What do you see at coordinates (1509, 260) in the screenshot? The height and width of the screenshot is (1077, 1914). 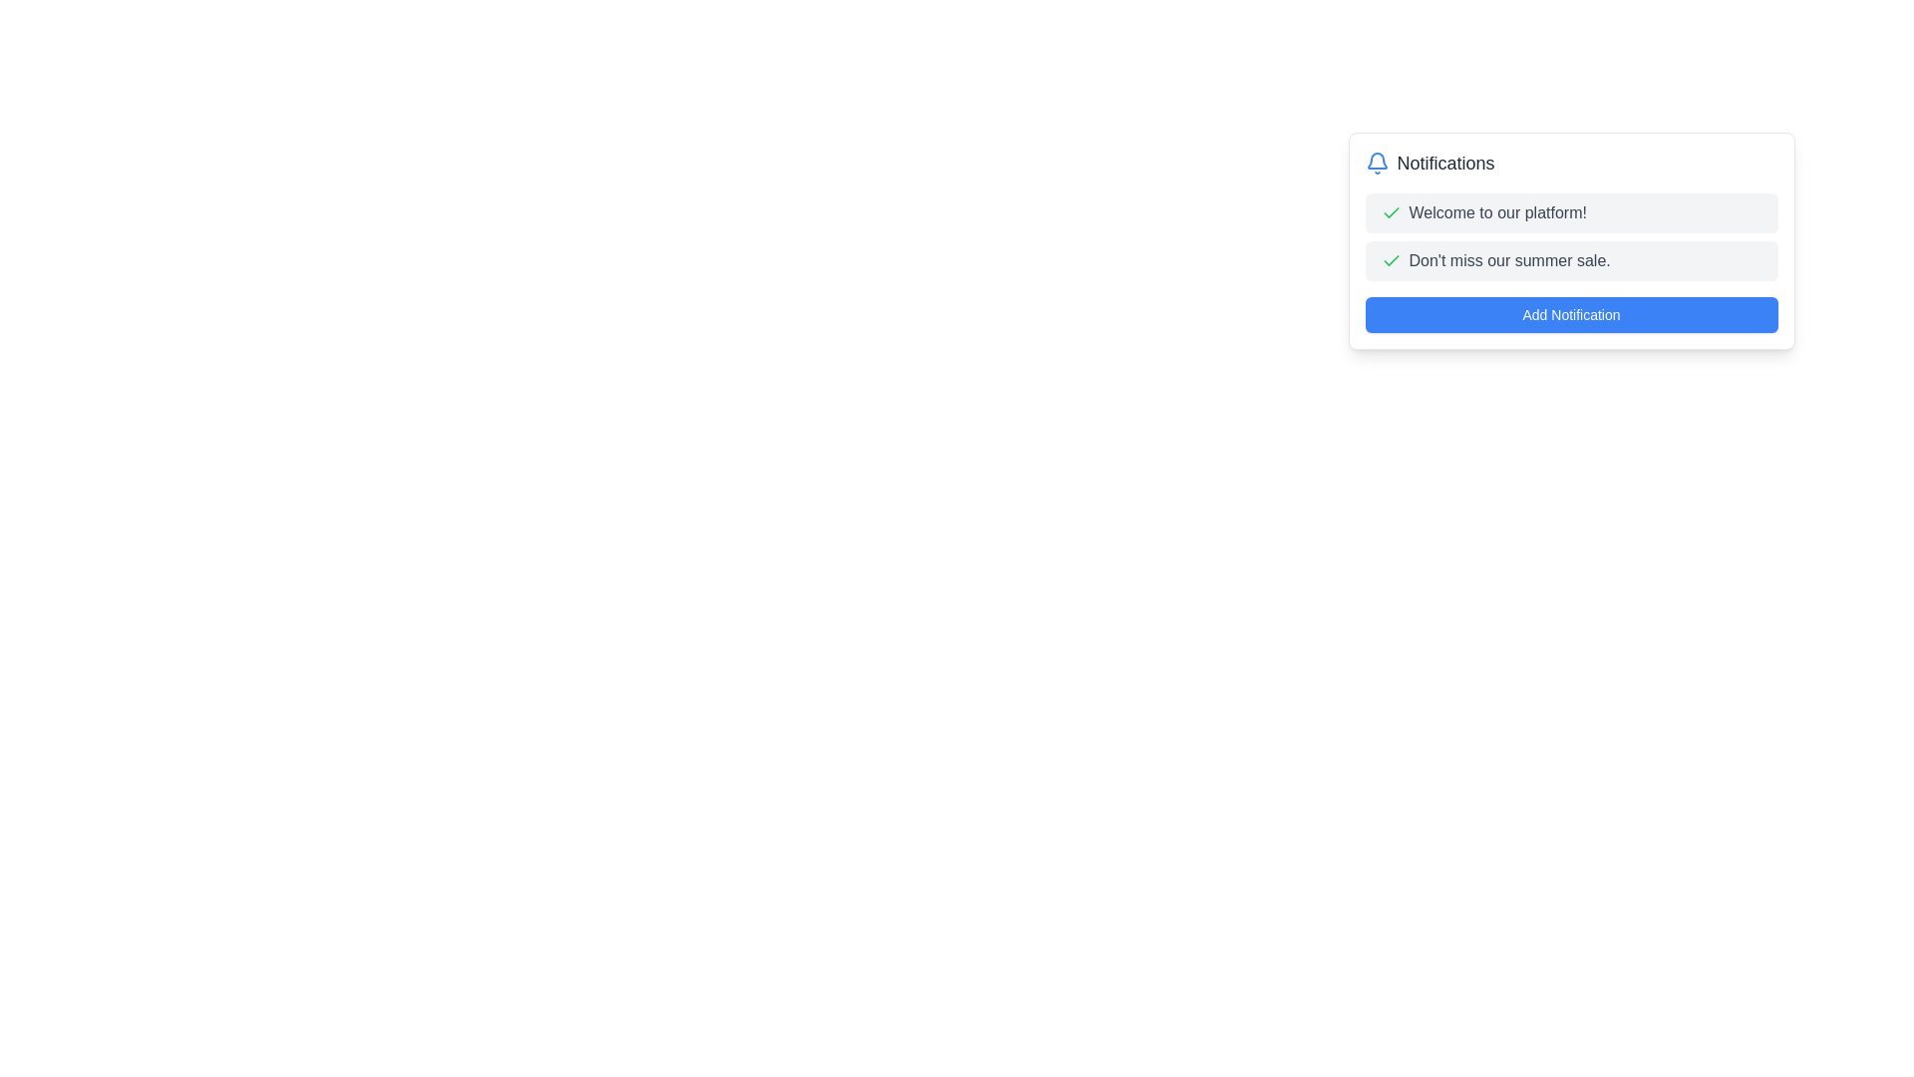 I see `the second notification text label indicating the ongoing summer sale, located beneath the first notification 'Welcome to our platform!'` at bounding box center [1509, 260].